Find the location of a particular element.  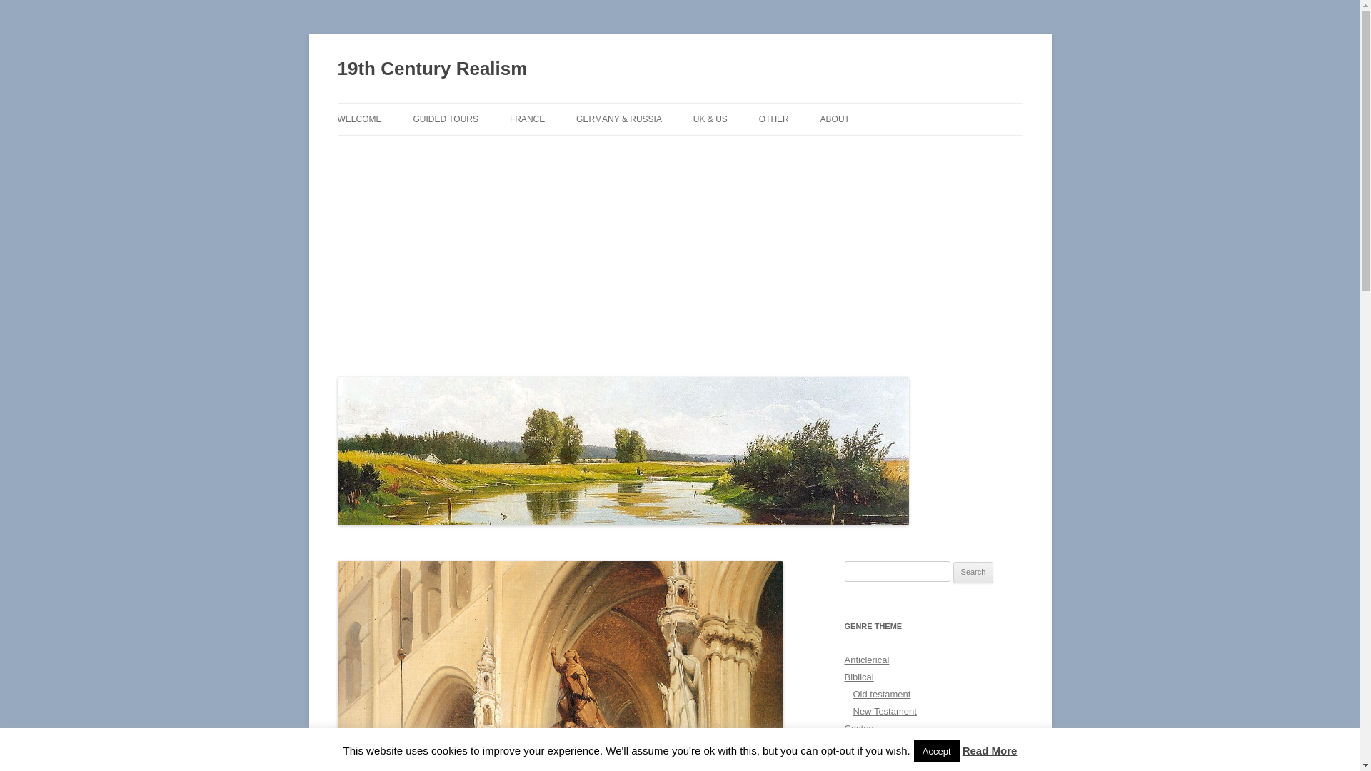

'OTHER' is located at coordinates (773, 118).